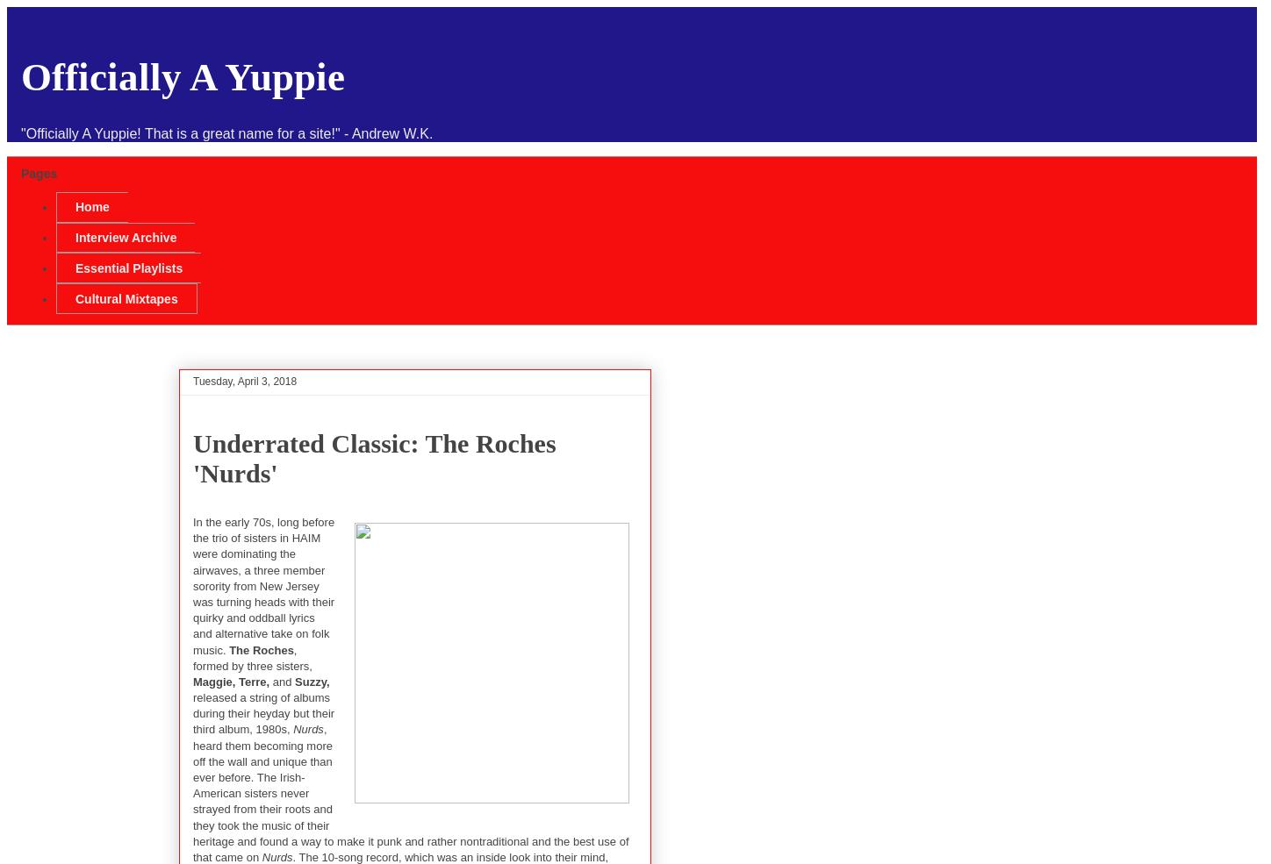 The width and height of the screenshot is (1271, 864). Describe the element at coordinates (21, 133) in the screenshot. I see `'"Officially A Yuppie! That is a great name for a site!" - Andrew W.K.'` at that location.